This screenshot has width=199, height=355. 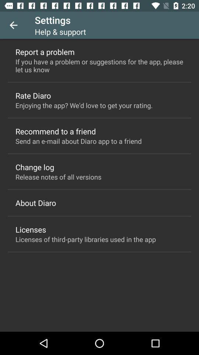 I want to click on icon below the if you have icon, so click(x=33, y=95).